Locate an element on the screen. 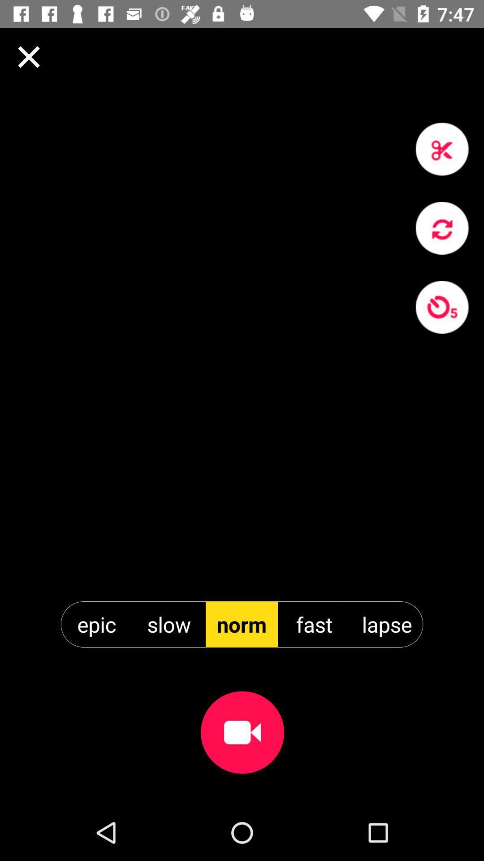  the refresh icon is located at coordinates (441, 228).